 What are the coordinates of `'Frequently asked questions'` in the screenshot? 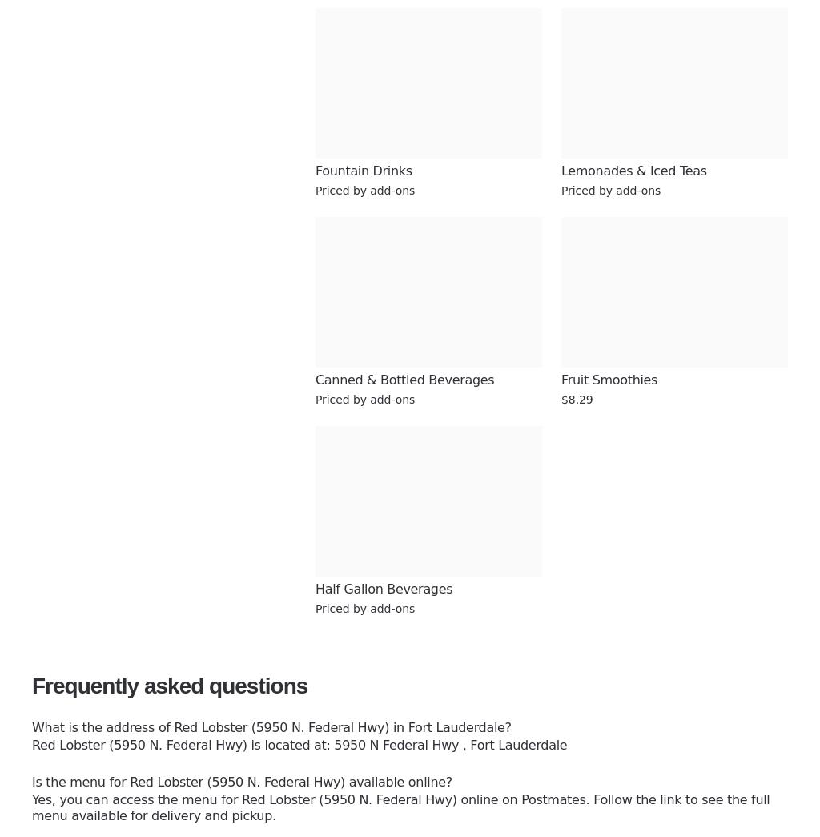 It's located at (169, 685).